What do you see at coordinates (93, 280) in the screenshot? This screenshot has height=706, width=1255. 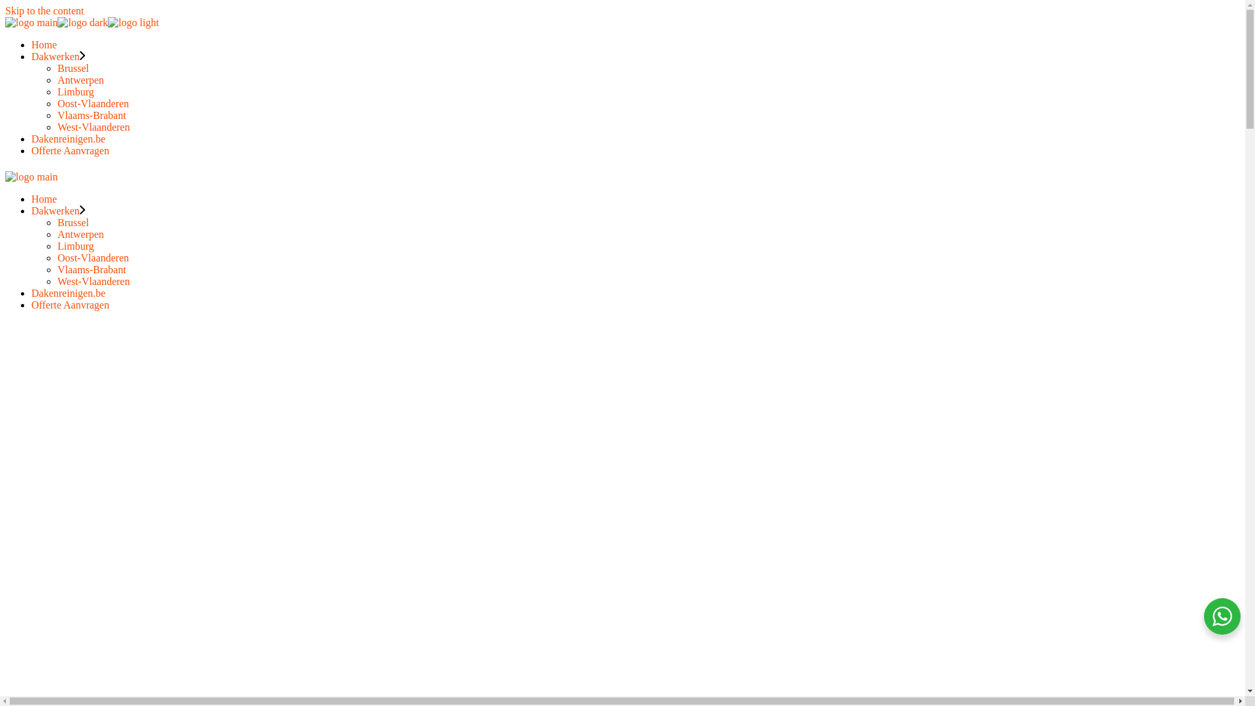 I see `'West-Vlaanderen'` at bounding box center [93, 280].